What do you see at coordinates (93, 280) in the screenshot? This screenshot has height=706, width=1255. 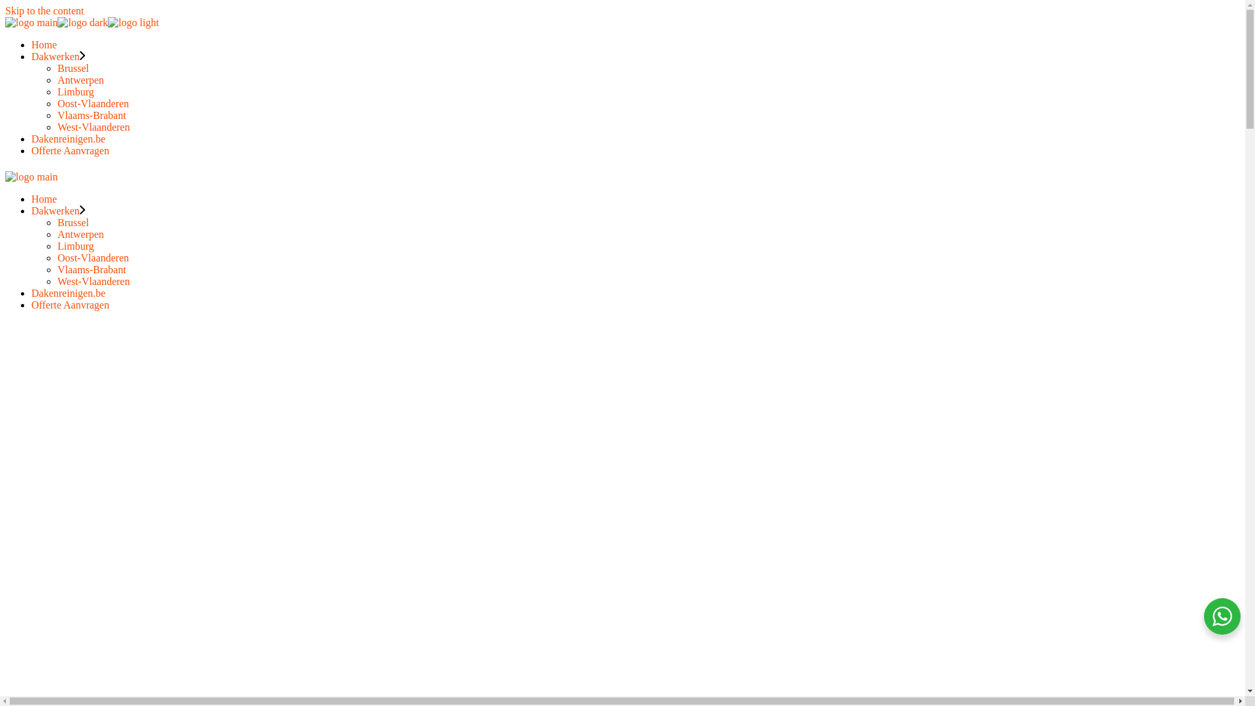 I see `'West-Vlaanderen'` at bounding box center [93, 280].